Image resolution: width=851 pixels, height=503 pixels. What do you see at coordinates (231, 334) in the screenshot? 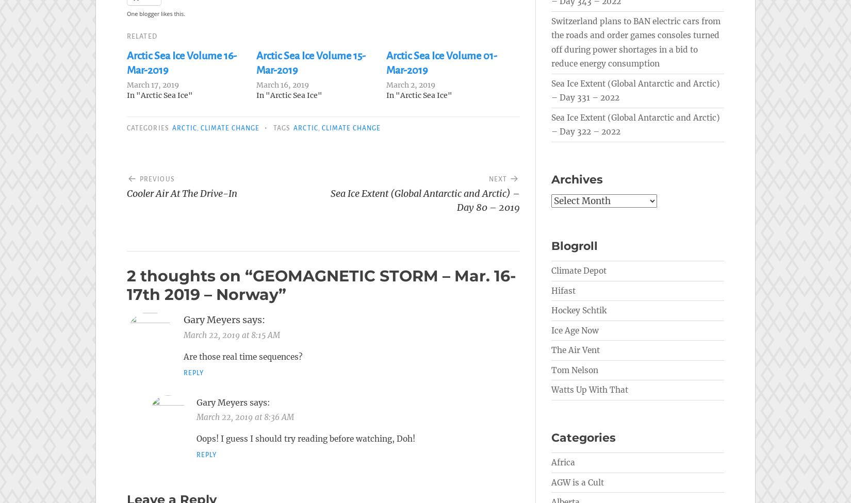
I see `'March 22, 2019 at 8:15 AM'` at bounding box center [231, 334].